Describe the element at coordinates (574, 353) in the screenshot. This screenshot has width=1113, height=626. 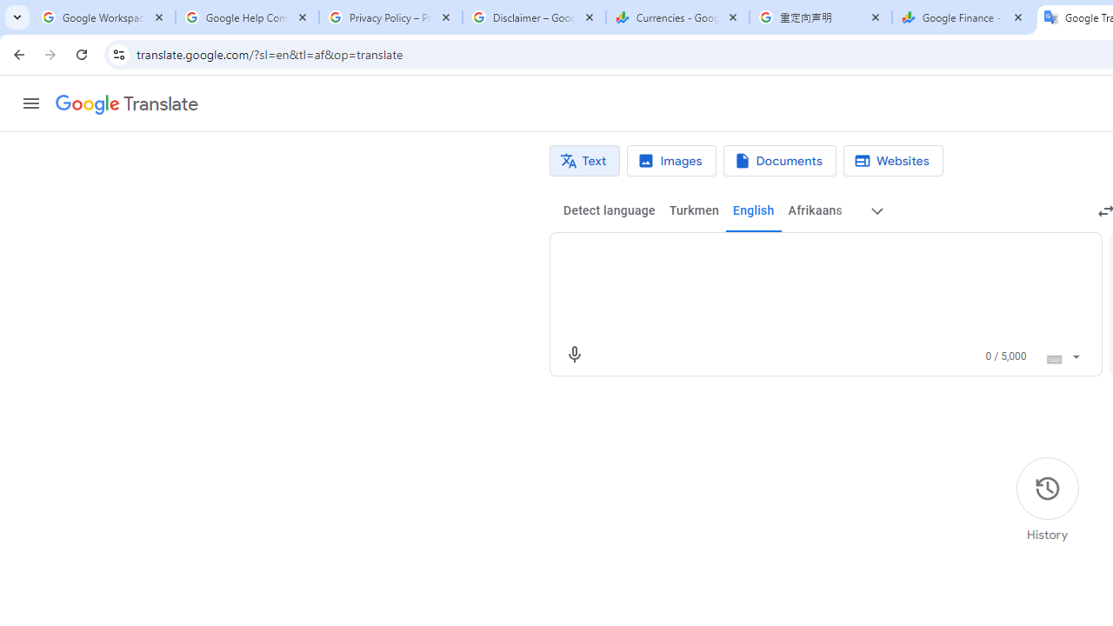
I see `'Translate by voice'` at that location.